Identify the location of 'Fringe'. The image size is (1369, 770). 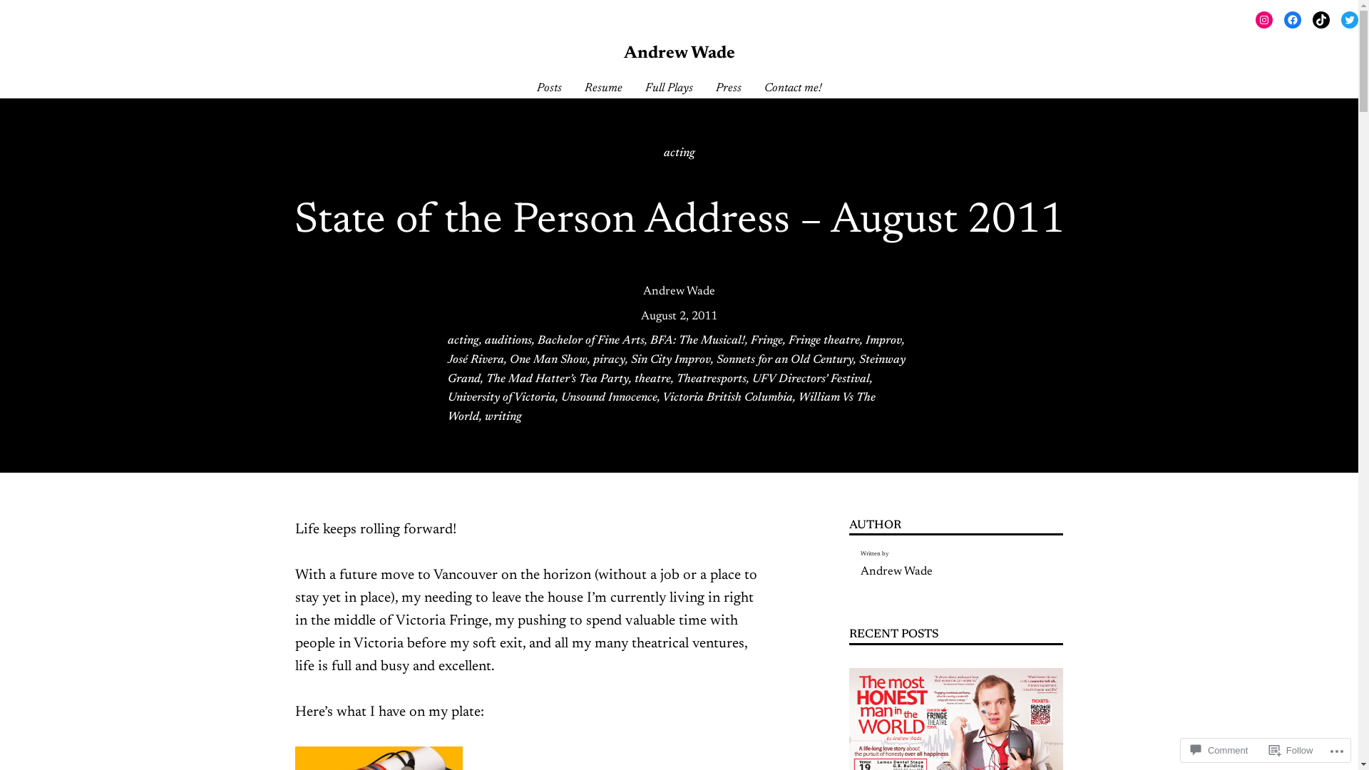
(765, 341).